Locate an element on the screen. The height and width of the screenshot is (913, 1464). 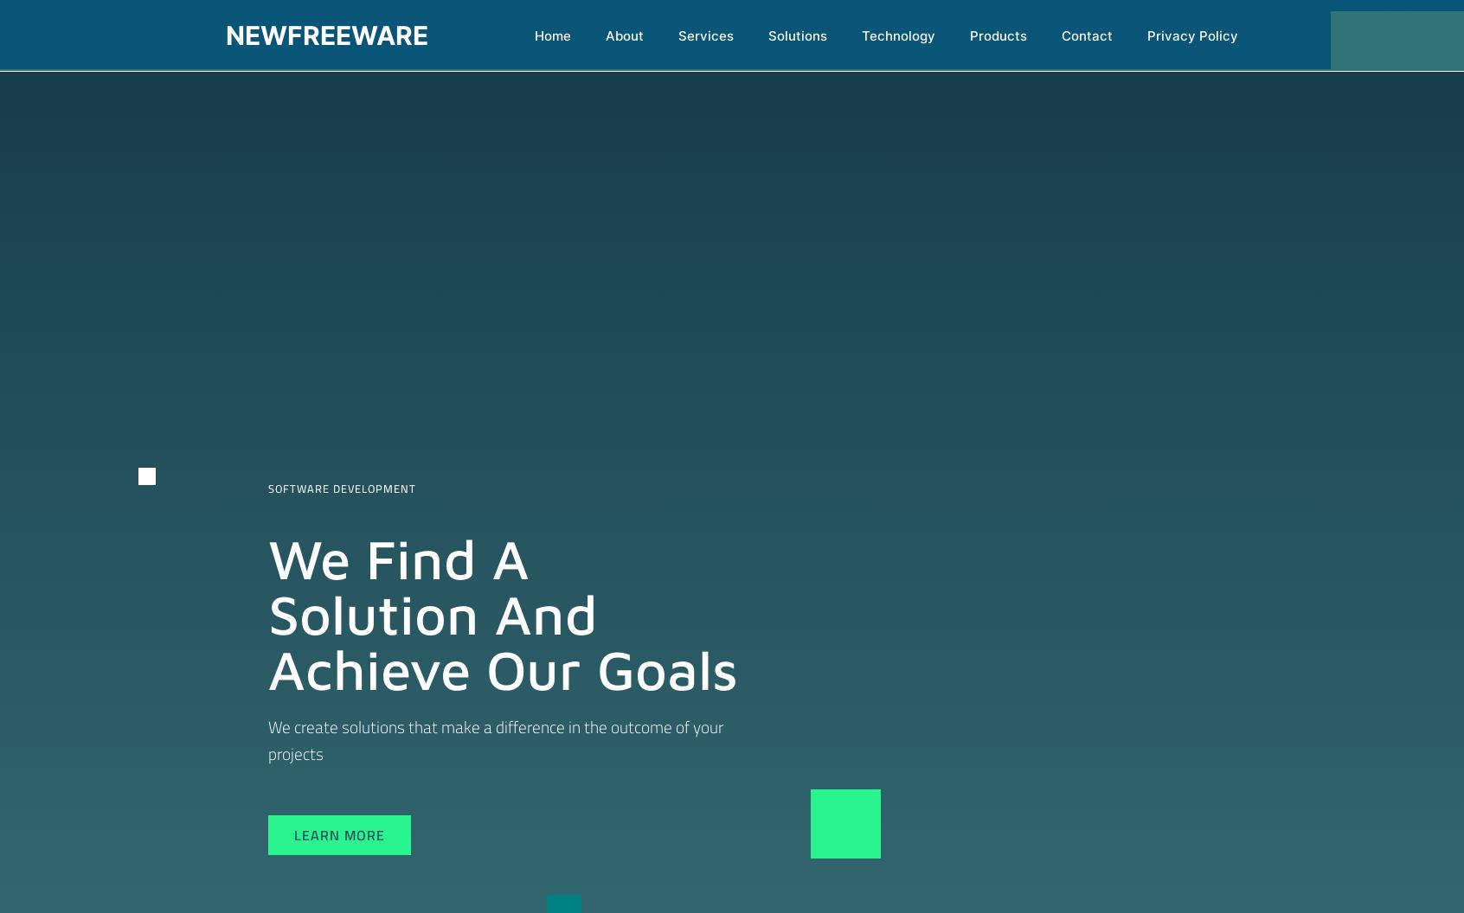
'Home' is located at coordinates (533, 35).